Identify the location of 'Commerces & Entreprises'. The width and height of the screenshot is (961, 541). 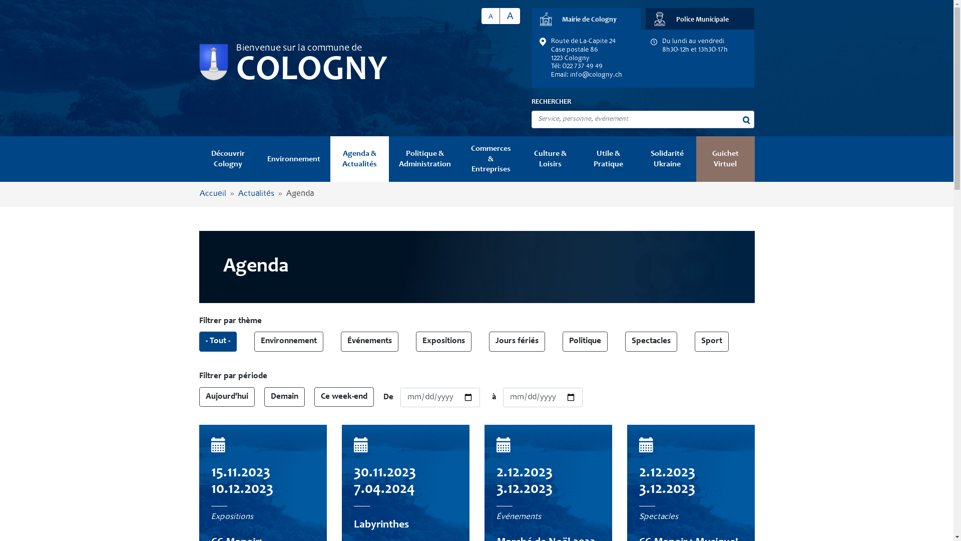
(491, 158).